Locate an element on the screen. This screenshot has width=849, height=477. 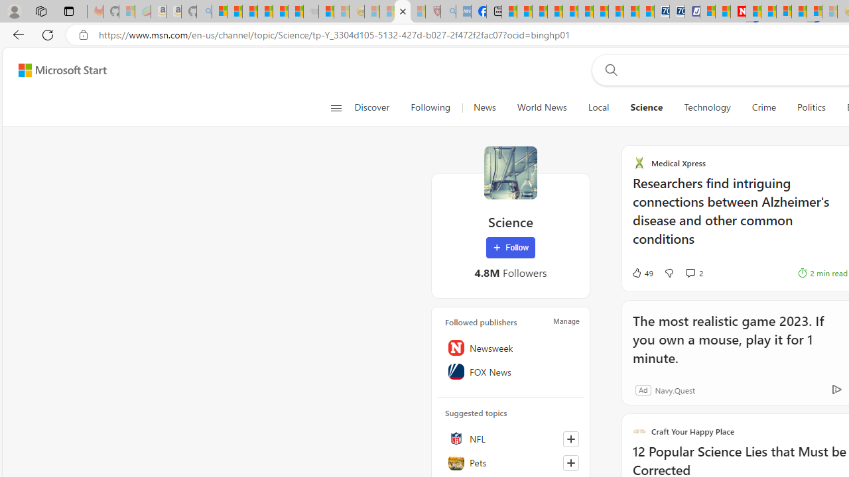
'Climate Damage Becomes Too Severe To Reverse' is located at coordinates (555, 11).